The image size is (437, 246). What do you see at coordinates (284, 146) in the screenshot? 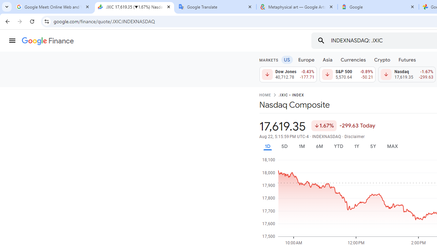
I see `'5D'` at bounding box center [284, 146].